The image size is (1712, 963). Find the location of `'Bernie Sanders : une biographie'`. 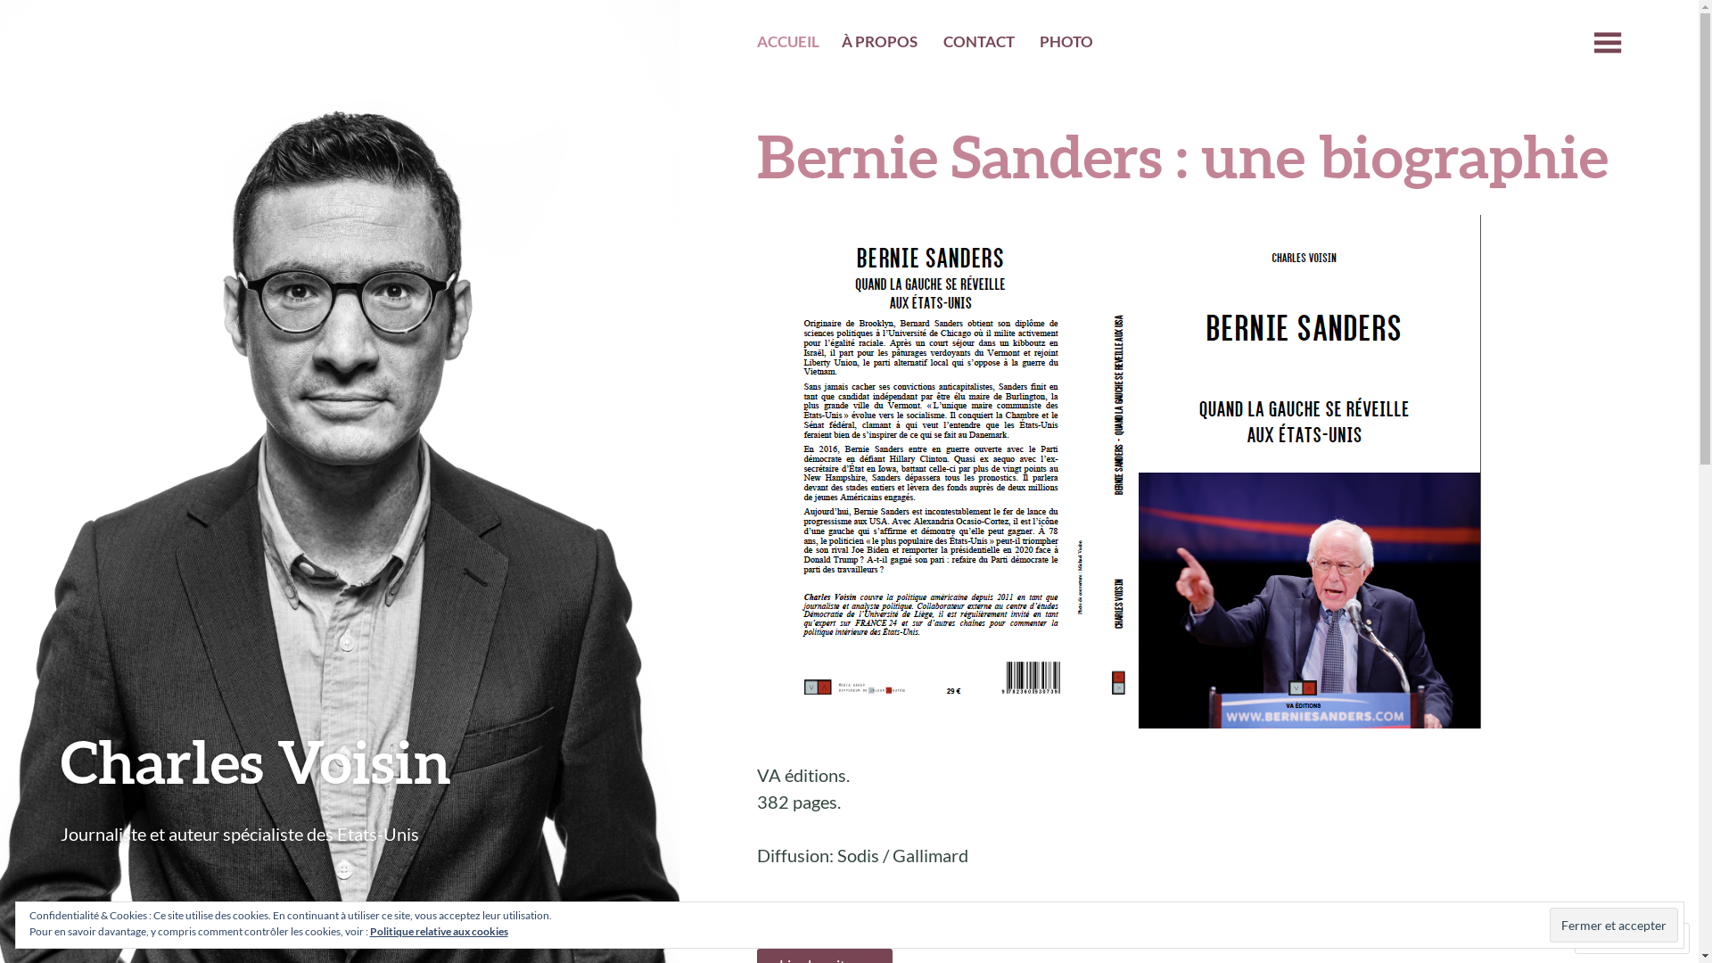

'Bernie Sanders : une biographie' is located at coordinates (1182, 154).